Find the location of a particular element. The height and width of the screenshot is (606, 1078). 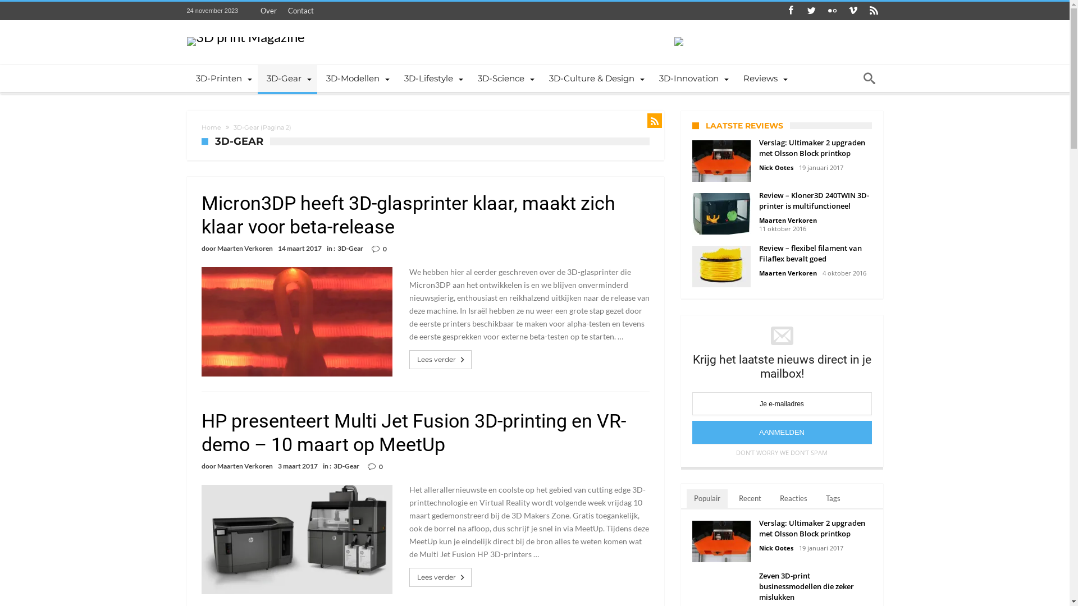

'Populair' is located at coordinates (706, 499).